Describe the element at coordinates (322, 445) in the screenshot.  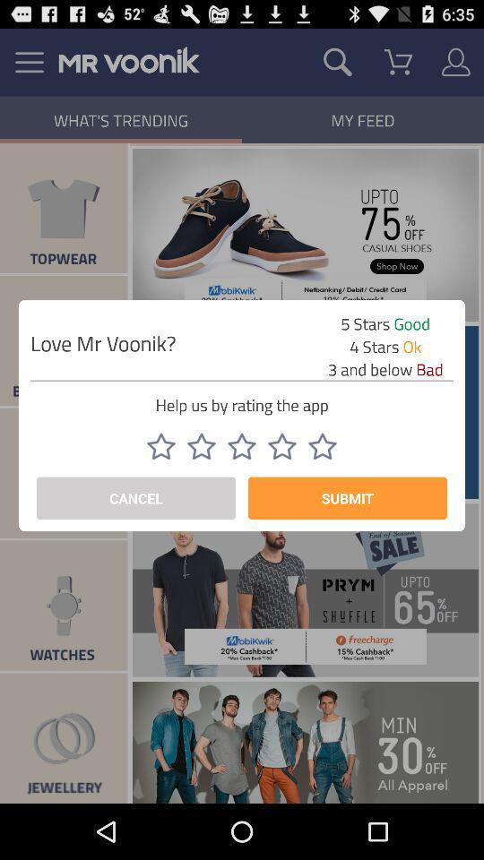
I see `the item below the help us by icon` at that location.